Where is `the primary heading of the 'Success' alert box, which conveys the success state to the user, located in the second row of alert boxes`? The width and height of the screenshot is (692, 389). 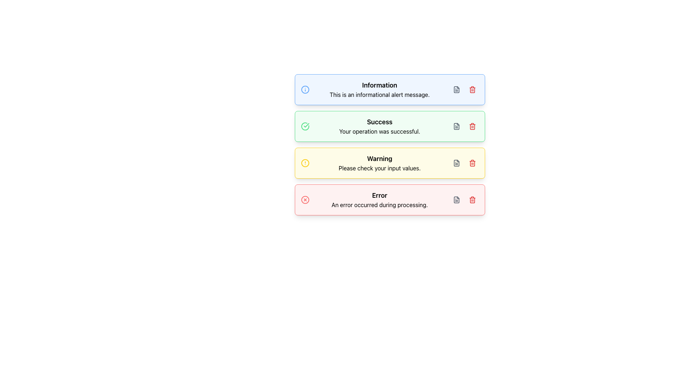 the primary heading of the 'Success' alert box, which conveys the success state to the user, located in the second row of alert boxes is located at coordinates (379, 122).